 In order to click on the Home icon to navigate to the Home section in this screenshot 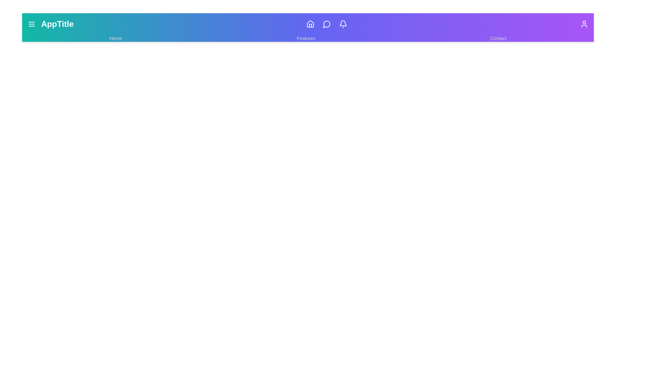, I will do `click(310, 23)`.